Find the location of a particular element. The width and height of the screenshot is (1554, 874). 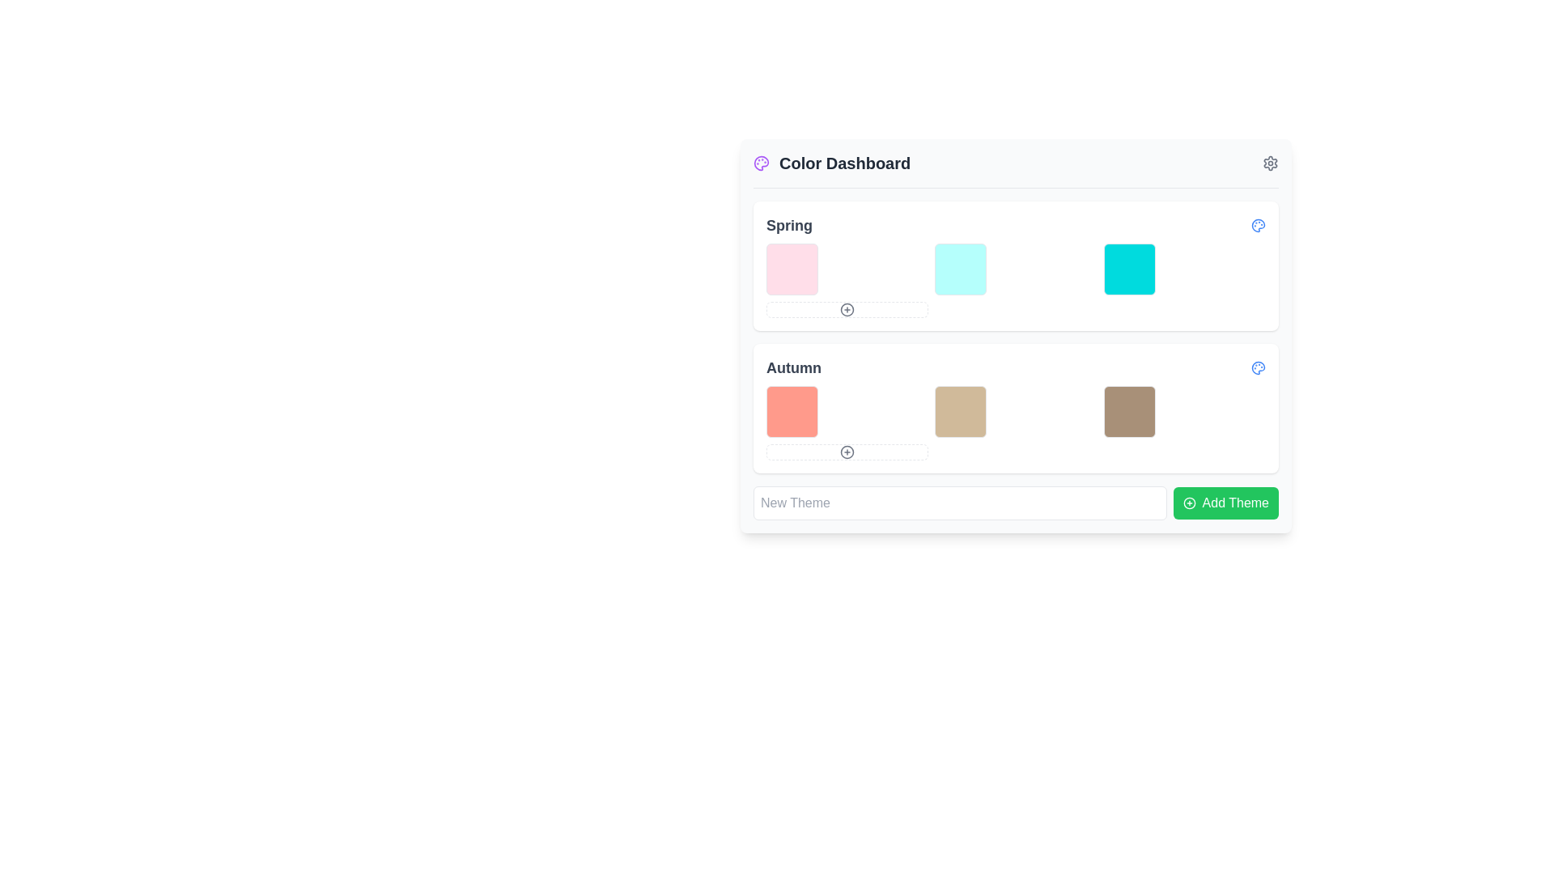

the second color tile in the 'Autumn' section of the Color Dashboard, which is a light brown square with rounded corners is located at coordinates (961, 411).